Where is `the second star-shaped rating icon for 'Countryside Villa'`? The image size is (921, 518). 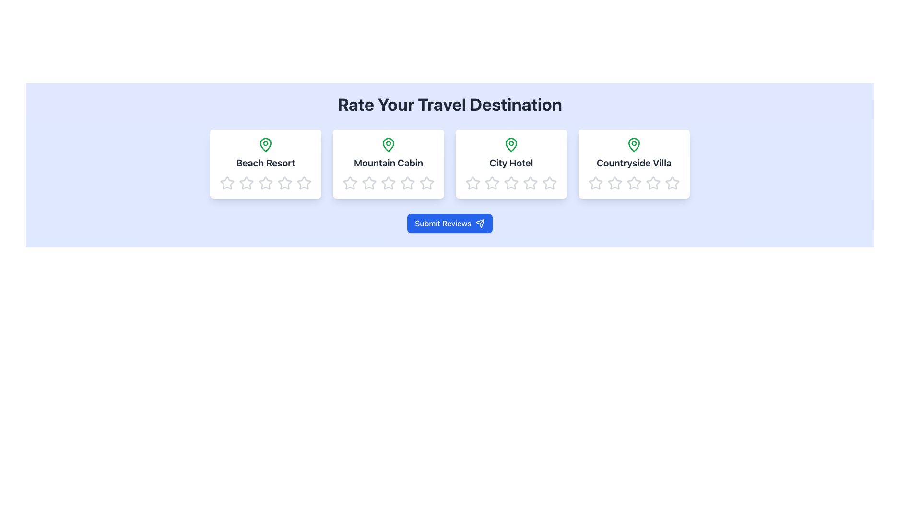 the second star-shaped rating icon for 'Countryside Villa' is located at coordinates (614, 183).